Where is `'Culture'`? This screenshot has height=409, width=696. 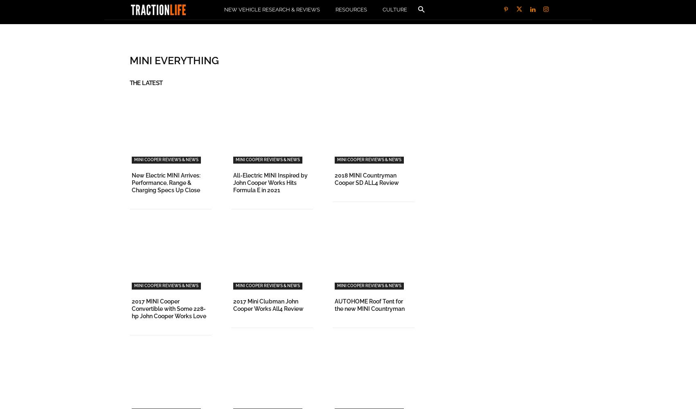 'Culture' is located at coordinates (382, 9).